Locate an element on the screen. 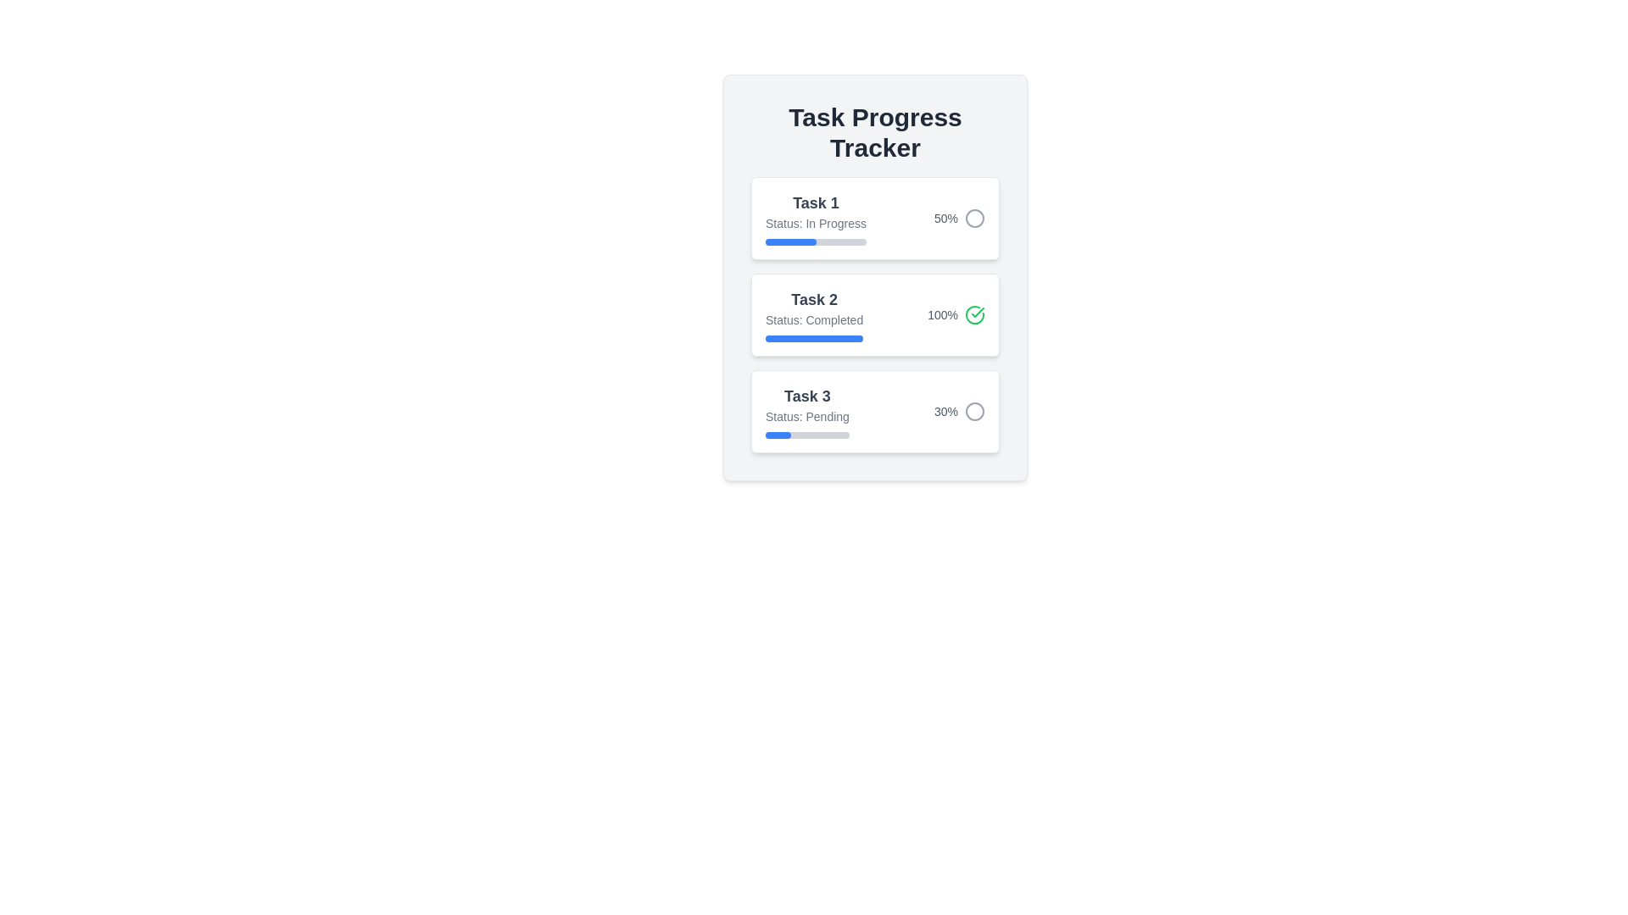 This screenshot has width=1628, height=915. the 'Task 2' text label located under the 'Task Progress Tracker' heading for accessibility tools is located at coordinates (814, 299).